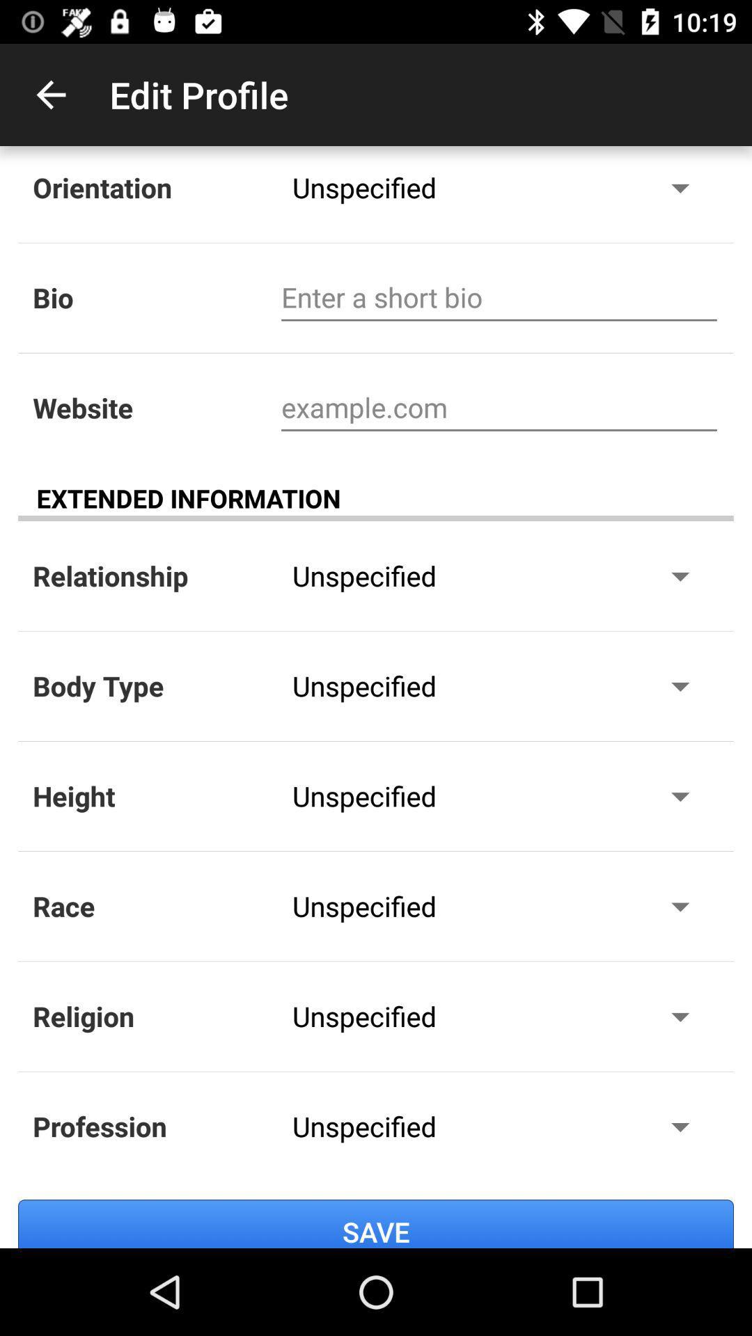 The height and width of the screenshot is (1336, 752). I want to click on website name, so click(499, 407).